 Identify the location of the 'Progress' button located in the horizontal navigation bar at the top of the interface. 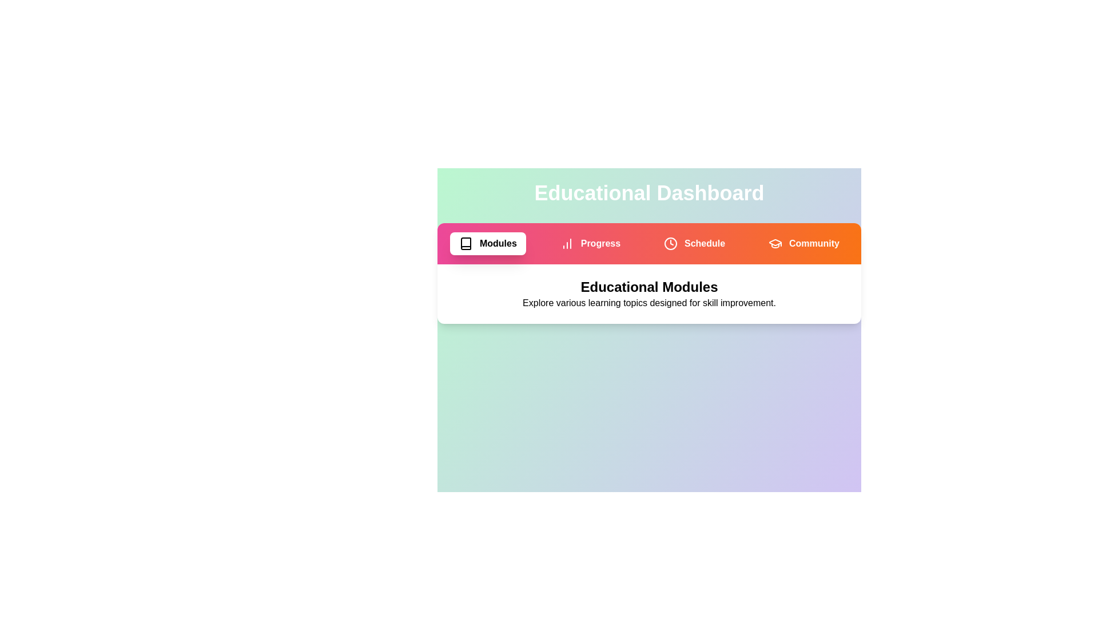
(590, 243).